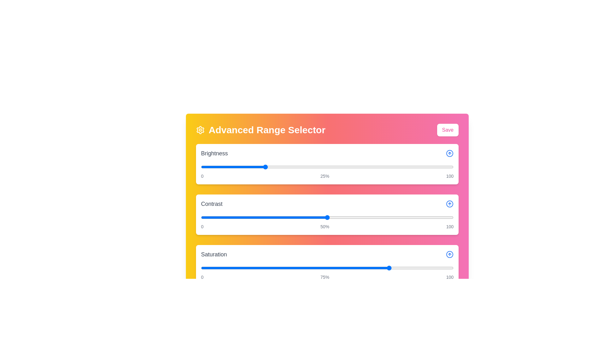  What do you see at coordinates (449, 254) in the screenshot?
I see `the arrow icon for Saturation` at bounding box center [449, 254].